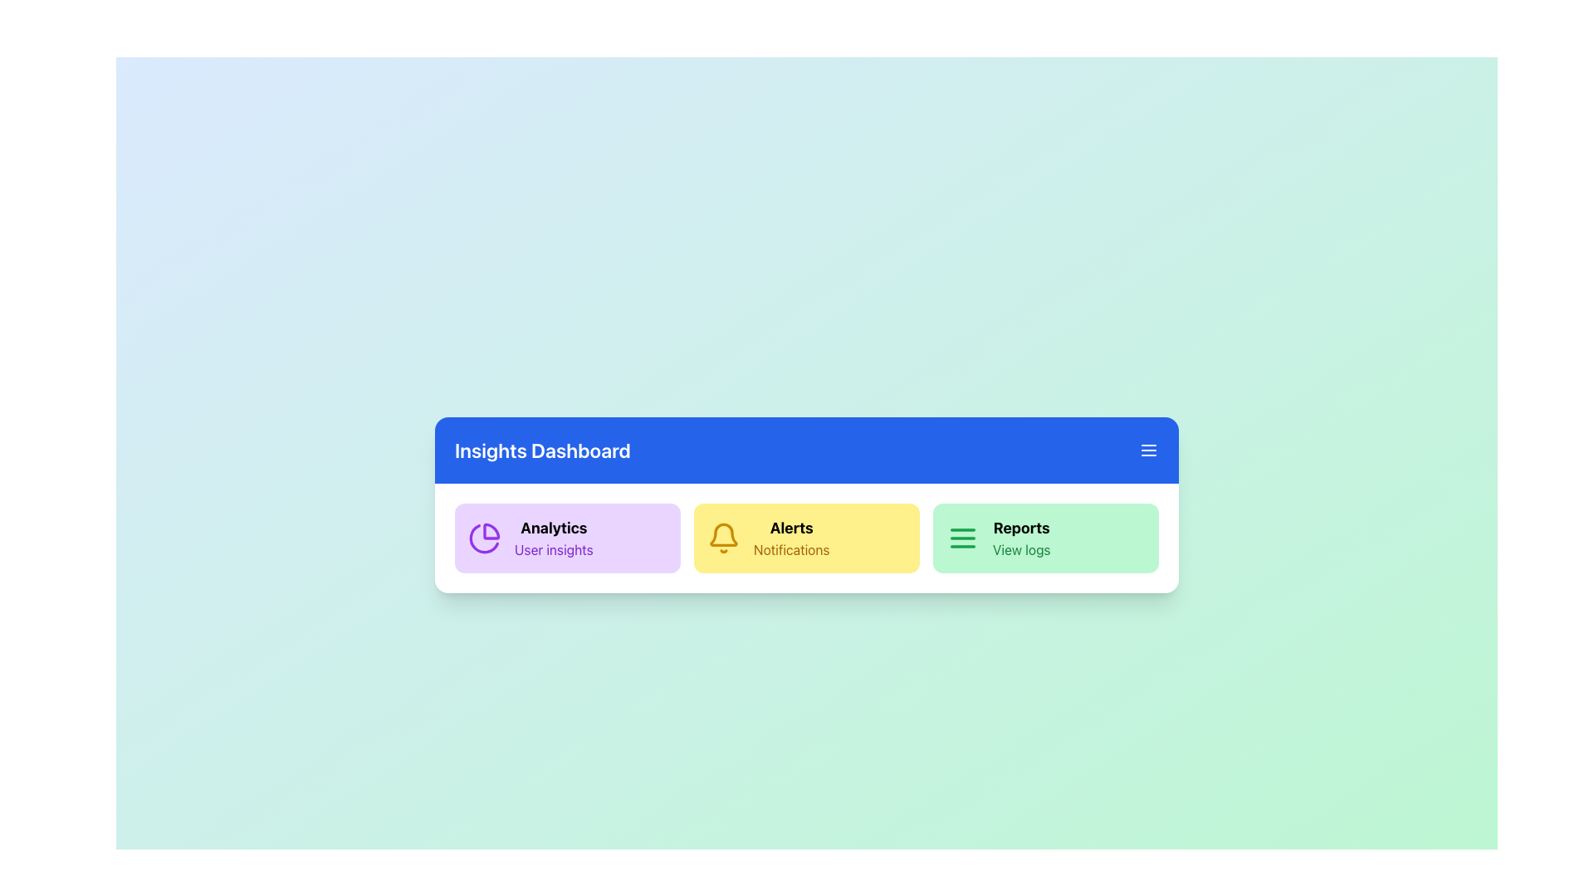  I want to click on the Text label that serves as a description for the Alerts section, located below the 'Alerts' label on a yellowish background under the bell icon, so click(790, 550).